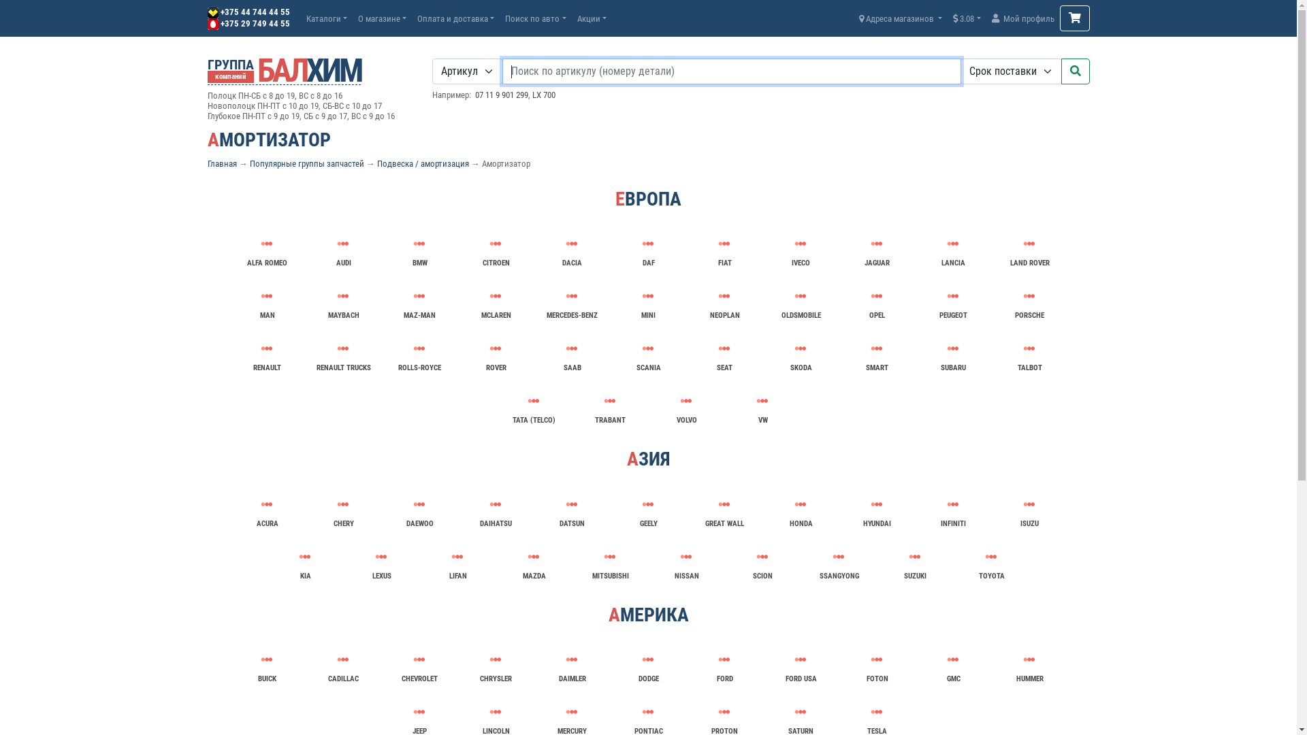 Image resolution: width=1307 pixels, height=735 pixels. What do you see at coordinates (267, 509) in the screenshot?
I see `'ACURA'` at bounding box center [267, 509].